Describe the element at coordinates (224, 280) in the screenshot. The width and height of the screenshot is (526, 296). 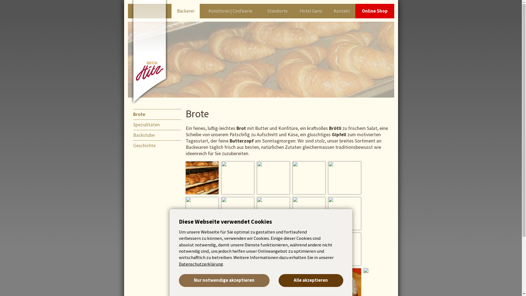
I see `'Nur notwendige akzeptieren'` at that location.